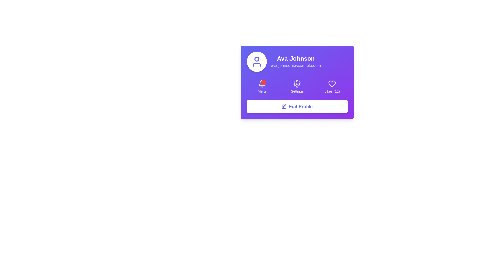  I want to click on the Interactive notification indicator with a badge, so click(262, 86).